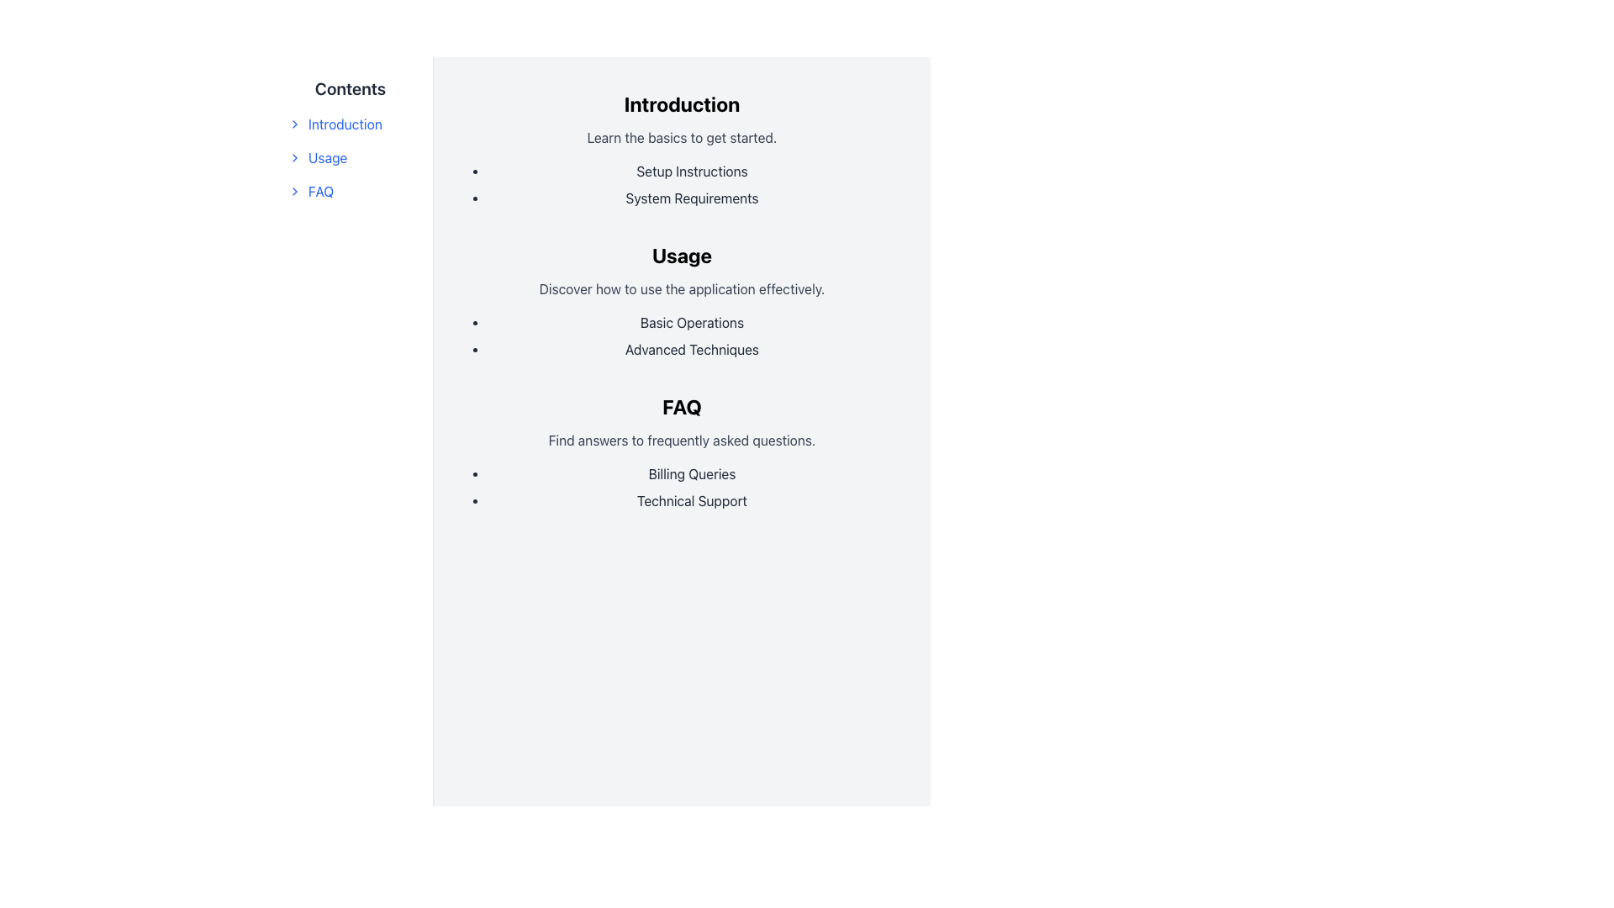 Image resolution: width=1614 pixels, height=908 pixels. I want to click on the small right chevron icon located to the immediate left of the 'Usage' text link in the navigation sidebar, so click(294, 158).